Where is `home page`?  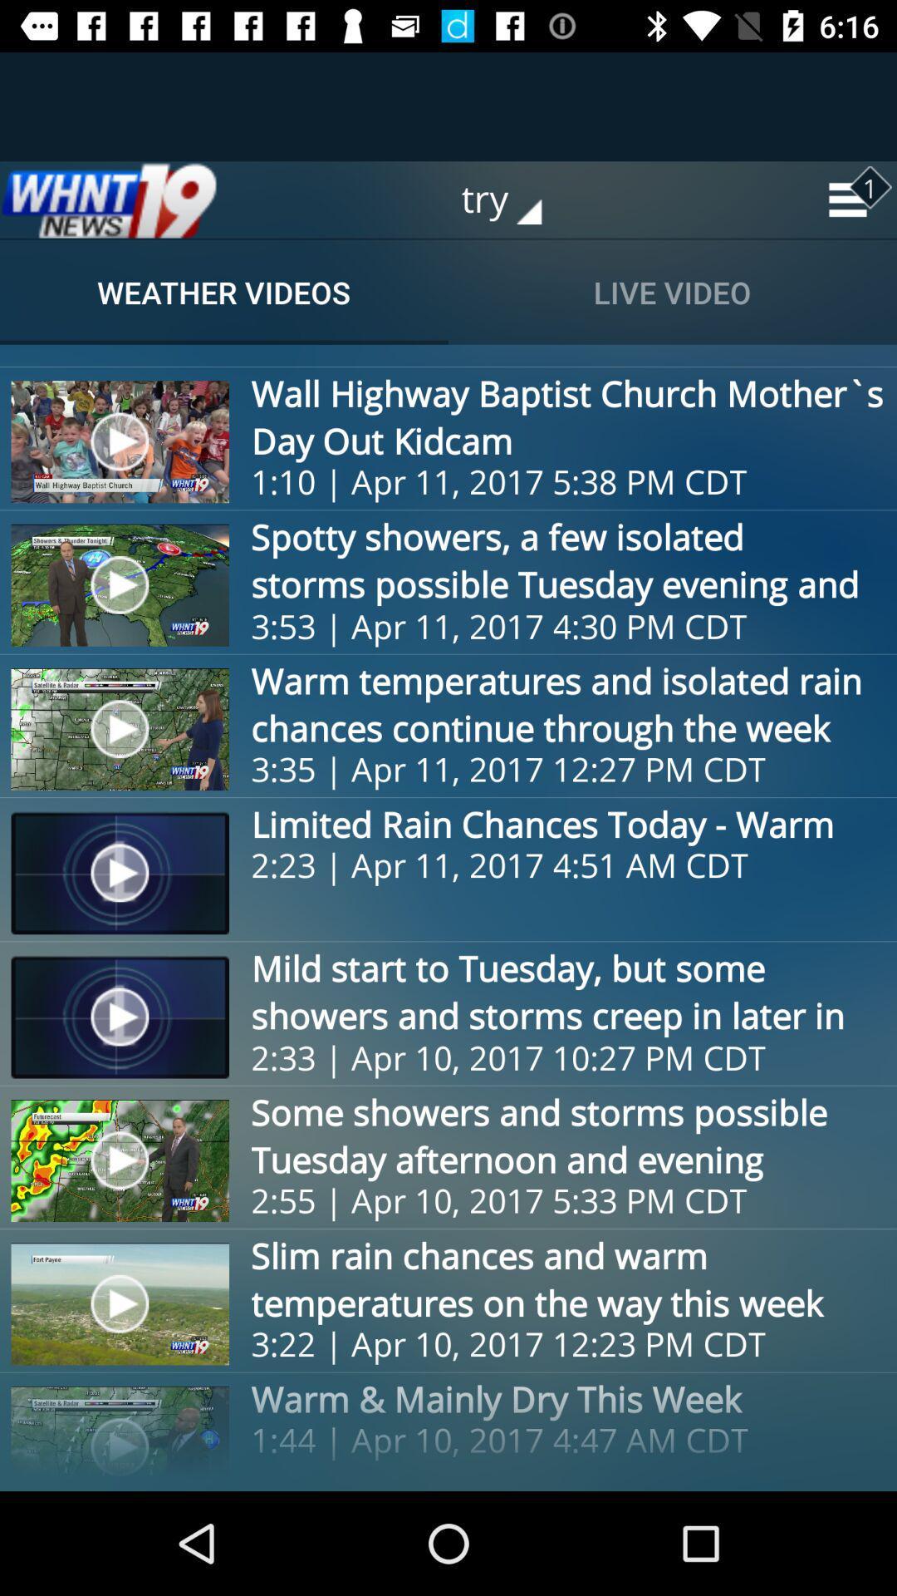 home page is located at coordinates (109, 199).